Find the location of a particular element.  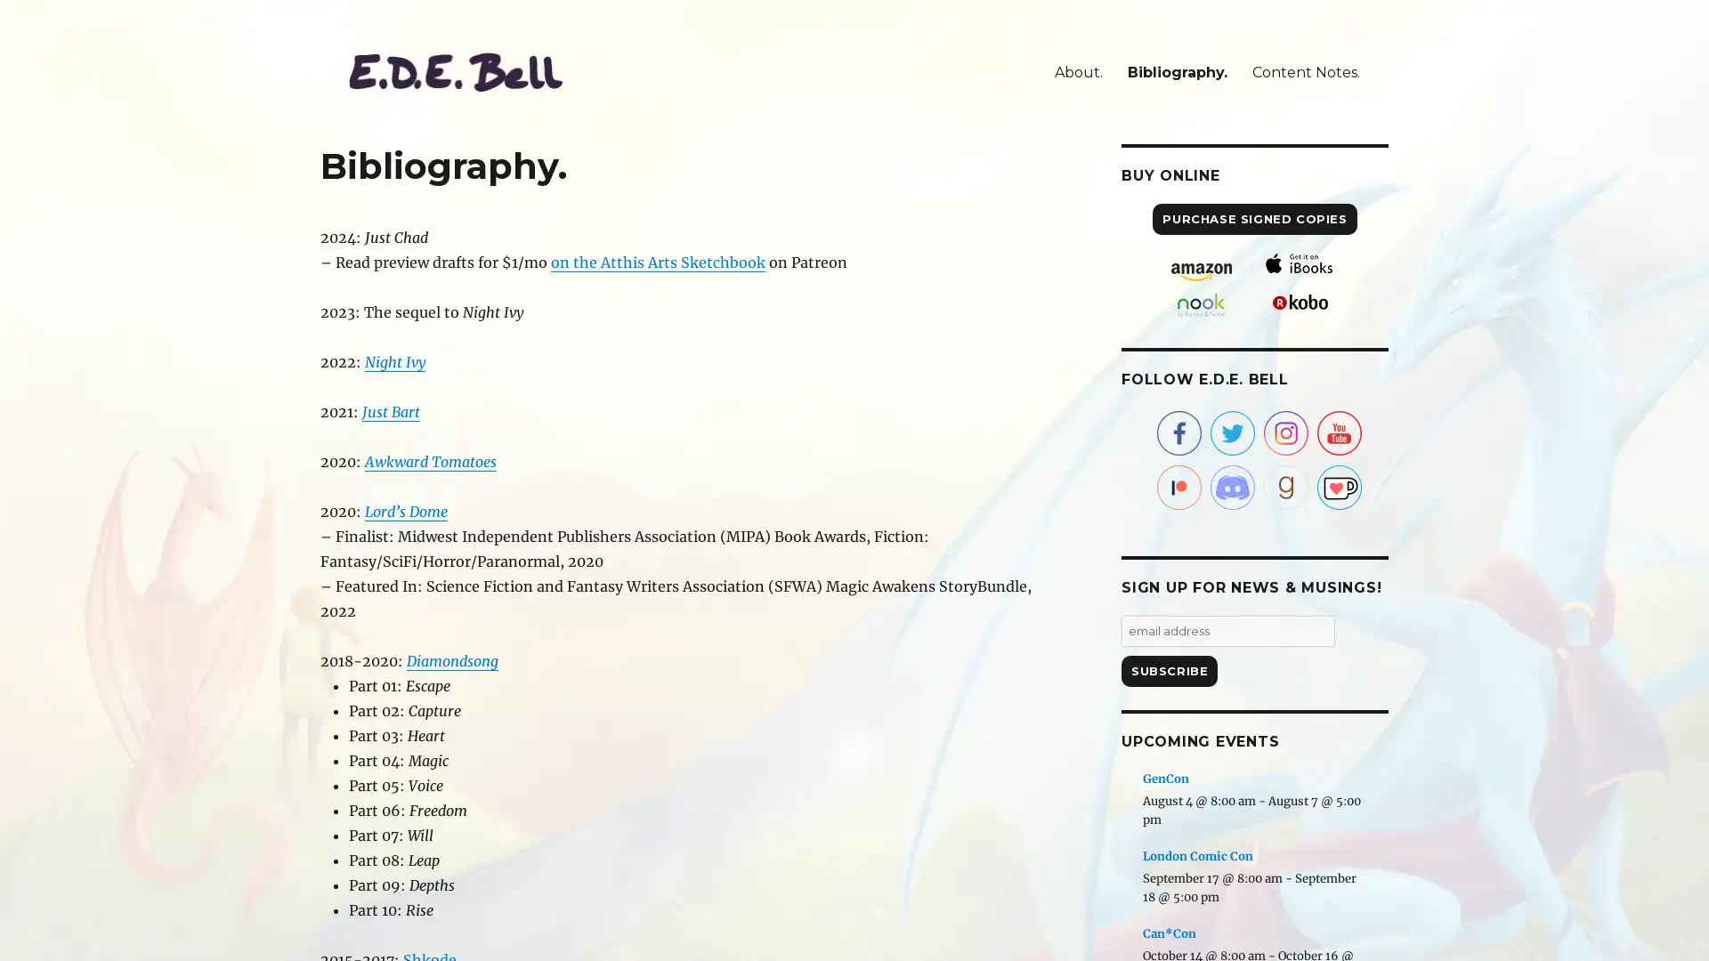

PURCHASE SIGNED COPIES is located at coordinates (1253, 218).